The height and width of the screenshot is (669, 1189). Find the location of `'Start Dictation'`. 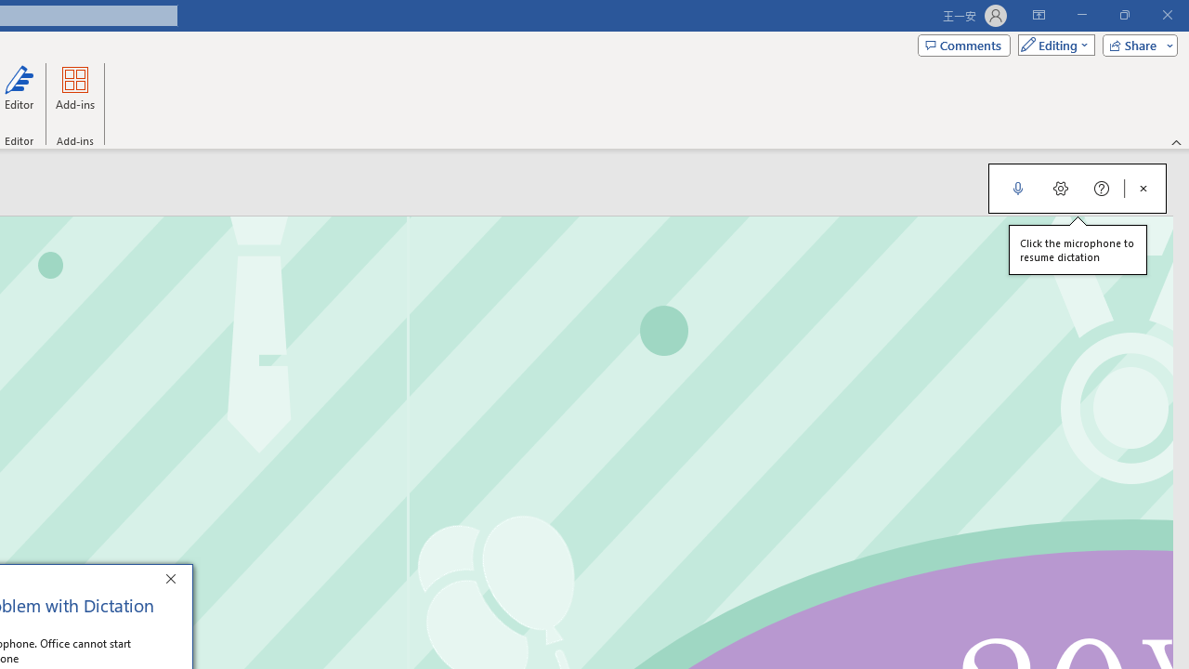

'Start Dictation' is located at coordinates (1017, 189).